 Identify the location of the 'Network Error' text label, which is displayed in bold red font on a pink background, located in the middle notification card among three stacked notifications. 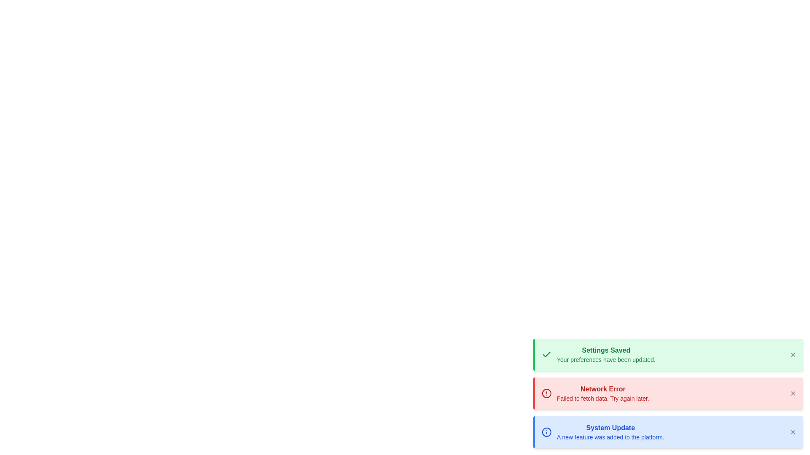
(602, 389).